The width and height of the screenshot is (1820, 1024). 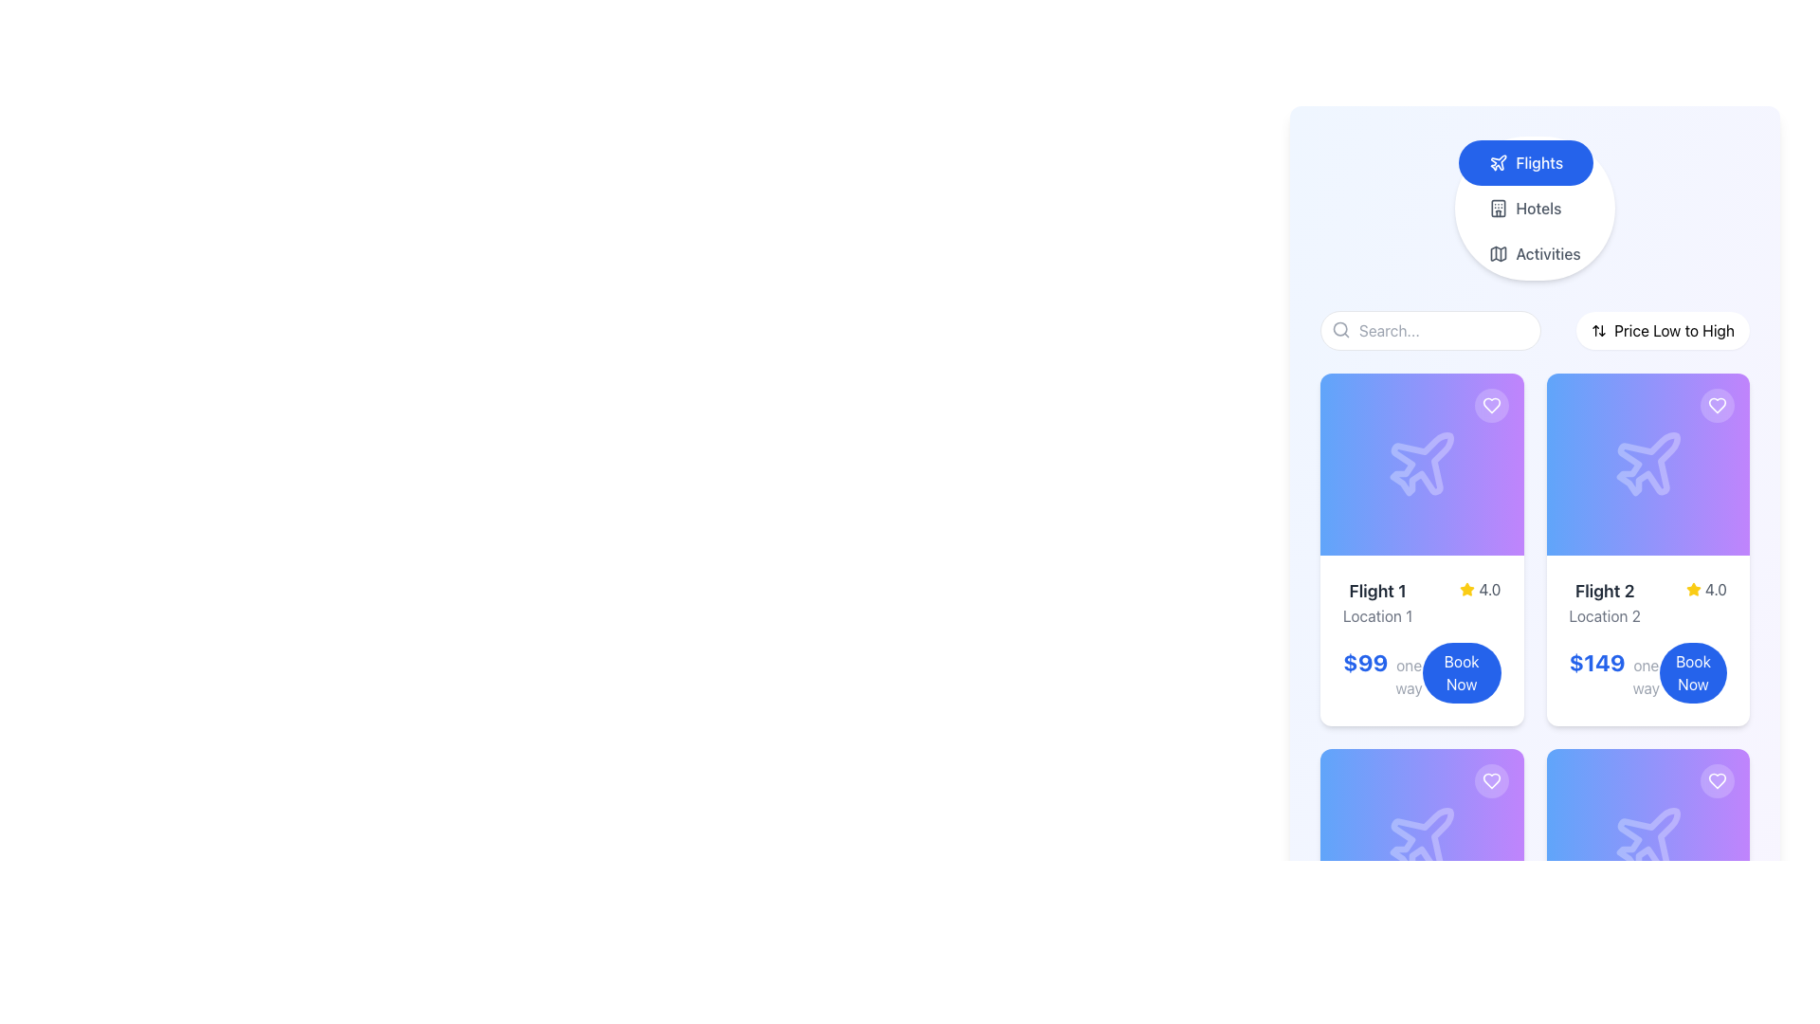 What do you see at coordinates (1538, 208) in the screenshot?
I see `the category label for Hotels, which is a clickable element positioned between the 'Flights' label above and the 'Activities' label below` at bounding box center [1538, 208].